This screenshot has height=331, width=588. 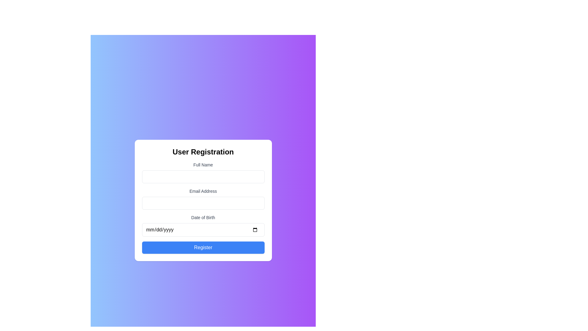 What do you see at coordinates (203, 226) in the screenshot?
I see `a date from the calendar in the 'Date of Birth' input field, which is styled with rounded corners and has a calendar icon on its right, located in the 'User Registration' form` at bounding box center [203, 226].